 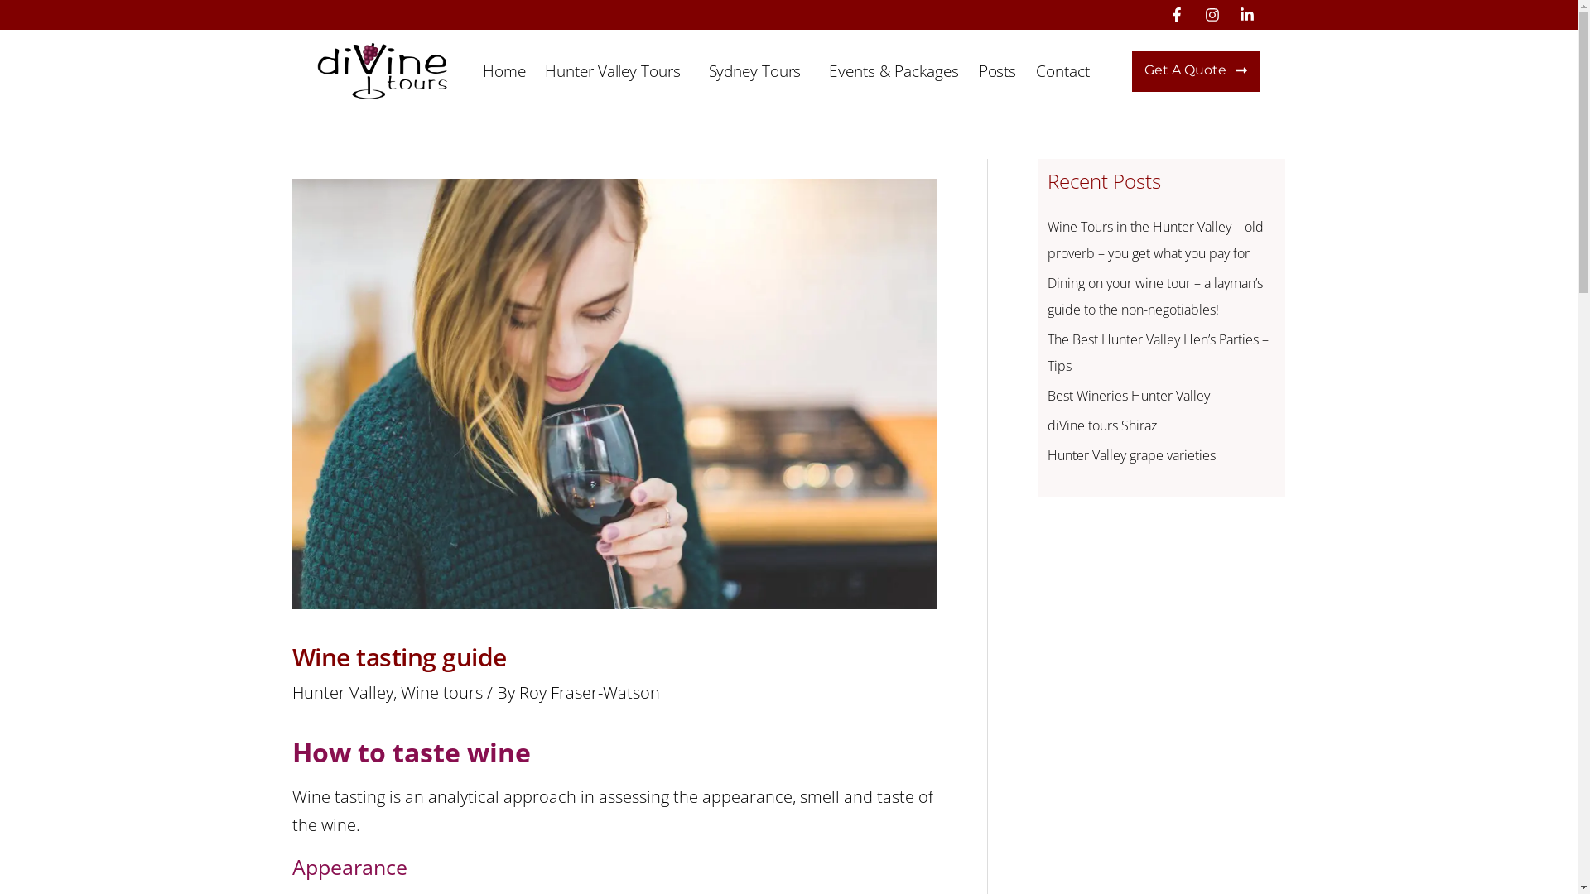 I want to click on 'Wine tours', so click(x=441, y=692).